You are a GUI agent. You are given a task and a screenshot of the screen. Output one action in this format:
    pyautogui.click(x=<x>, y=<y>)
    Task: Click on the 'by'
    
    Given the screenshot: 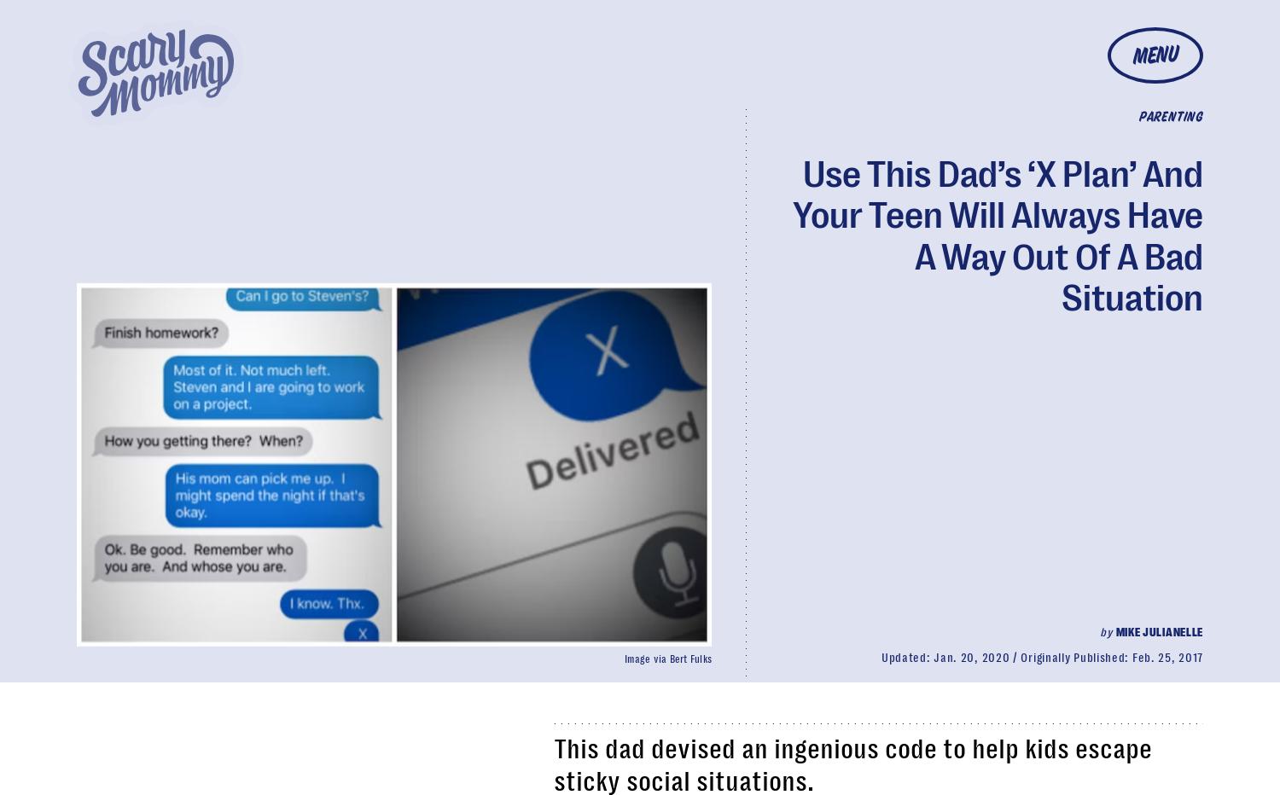 What is the action you would take?
    pyautogui.click(x=1106, y=630)
    